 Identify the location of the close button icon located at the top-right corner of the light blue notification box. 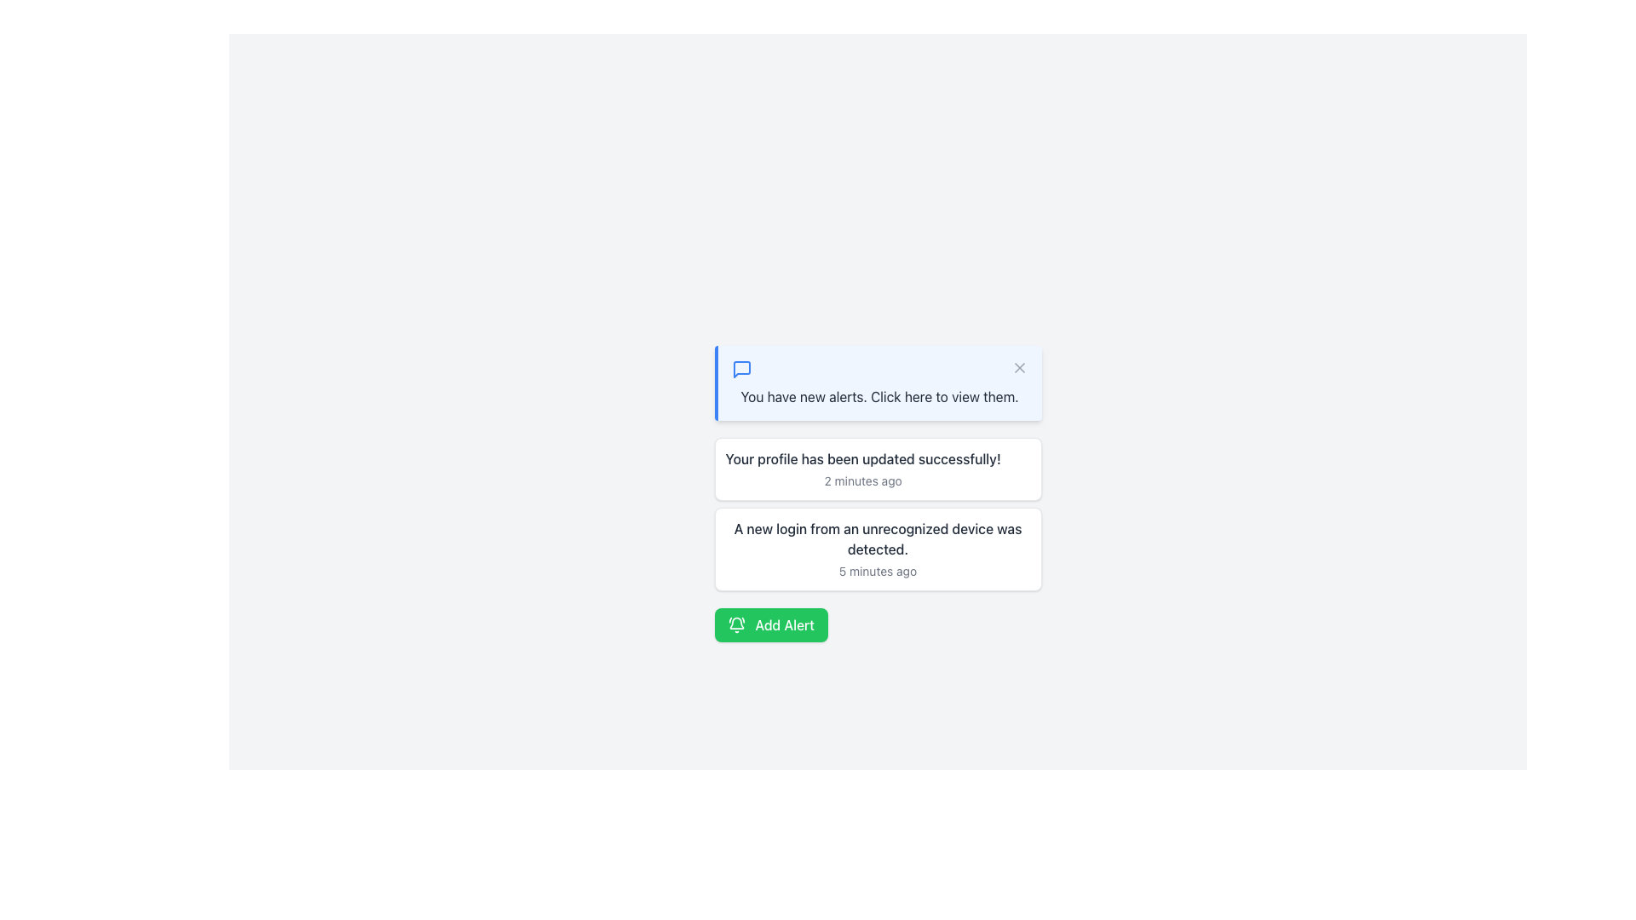
(1019, 367).